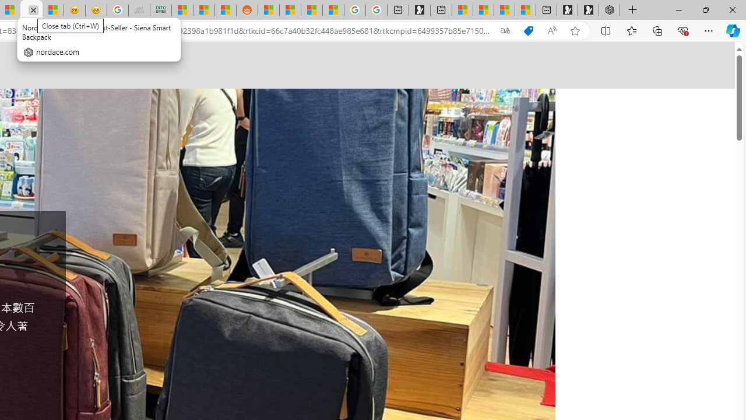 The height and width of the screenshot is (420, 746). What do you see at coordinates (575, 30) in the screenshot?
I see `'Add this page to favorites (Ctrl+D)'` at bounding box center [575, 30].